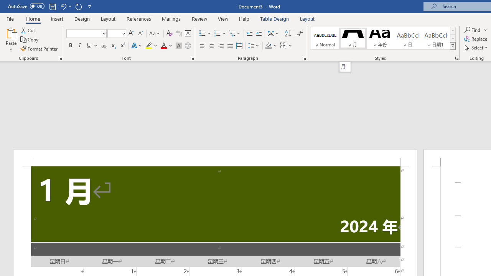 This screenshot has width=491, height=276. What do you see at coordinates (273, 33) in the screenshot?
I see `'Asian Layout'` at bounding box center [273, 33].